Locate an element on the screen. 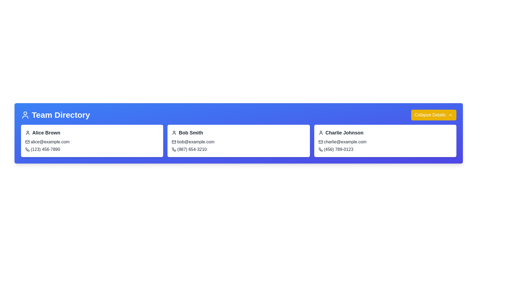 The width and height of the screenshot is (517, 291). the decorative icon located to the left of the 'Team Directory' text in the horizontal blue header bar is located at coordinates (25, 115).